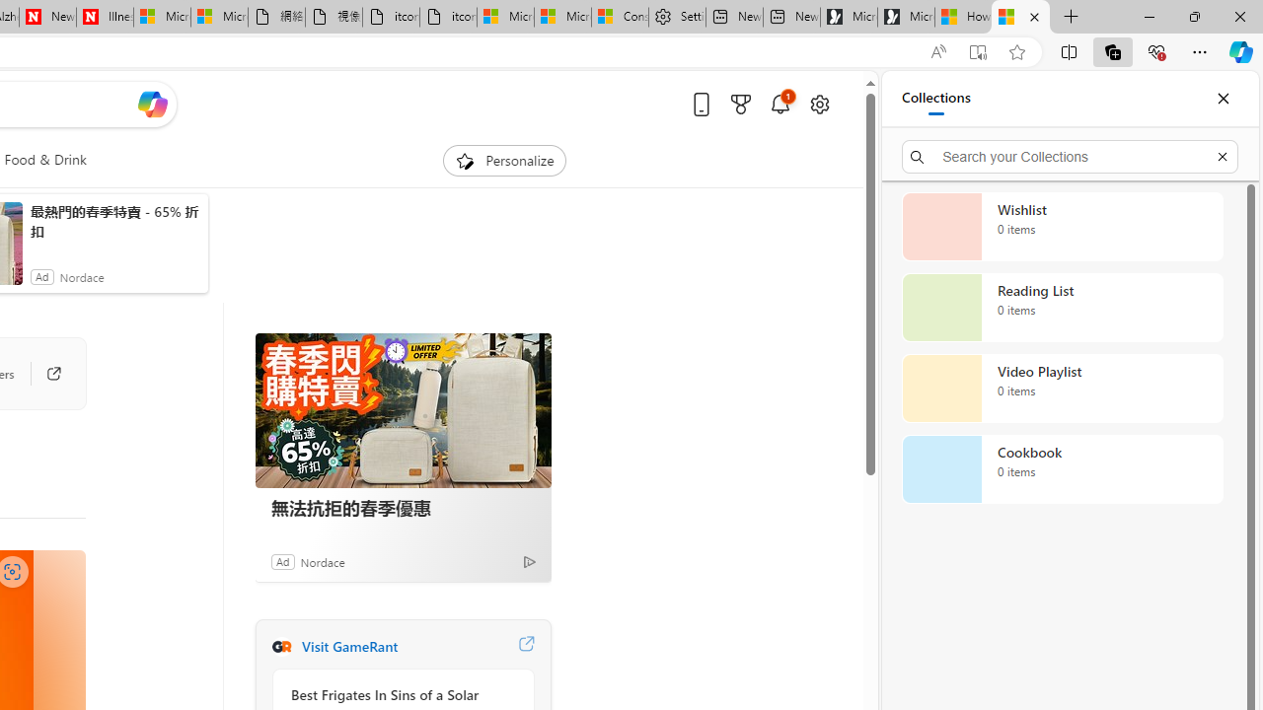 The image size is (1263, 710). What do you see at coordinates (905, 17) in the screenshot?
I see `'Microsoft Start Gaming'` at bounding box center [905, 17].